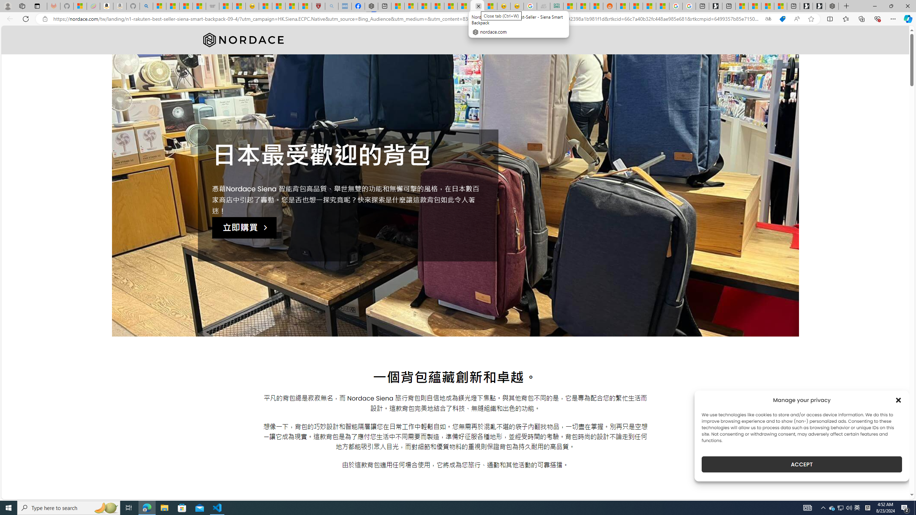 The image size is (916, 515). Describe the element at coordinates (25, 18) in the screenshot. I see `'Refresh'` at that location.